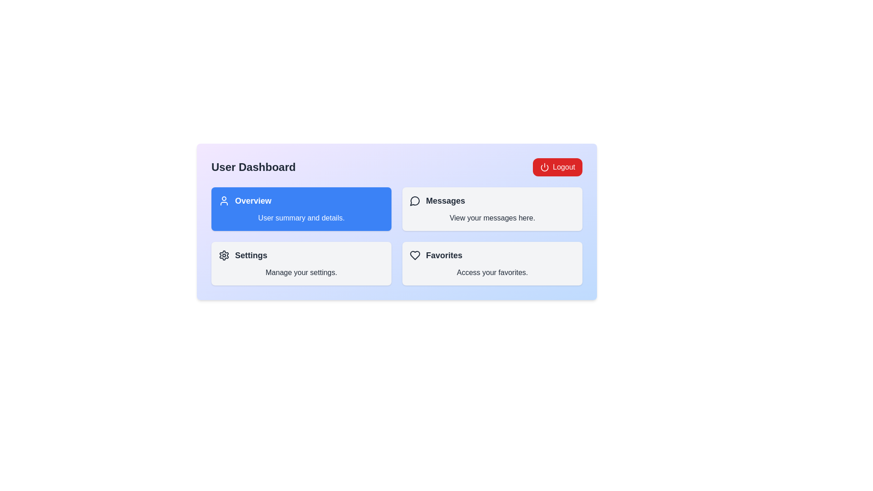  I want to click on the power/logout icon located inside the red rounded rectangle button labeled 'Logout' at the top-right corner of the User Dashboard, so click(545, 167).